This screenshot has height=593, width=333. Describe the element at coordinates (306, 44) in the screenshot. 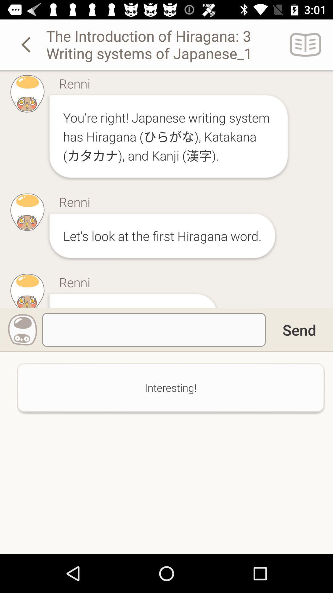

I see `the book icon` at that location.